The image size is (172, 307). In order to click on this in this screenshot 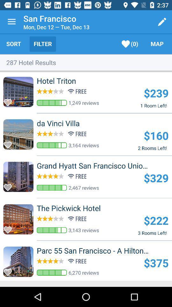, I will do `click(9, 143)`.